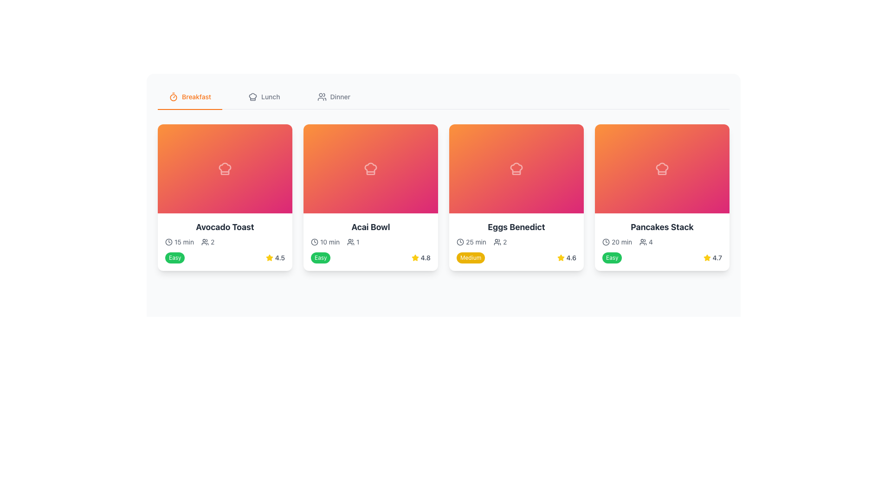  I want to click on the text label displaying '20 min' which is located within the 'Pancakes Stack' card, aligned with other time indicators, so click(621, 241).